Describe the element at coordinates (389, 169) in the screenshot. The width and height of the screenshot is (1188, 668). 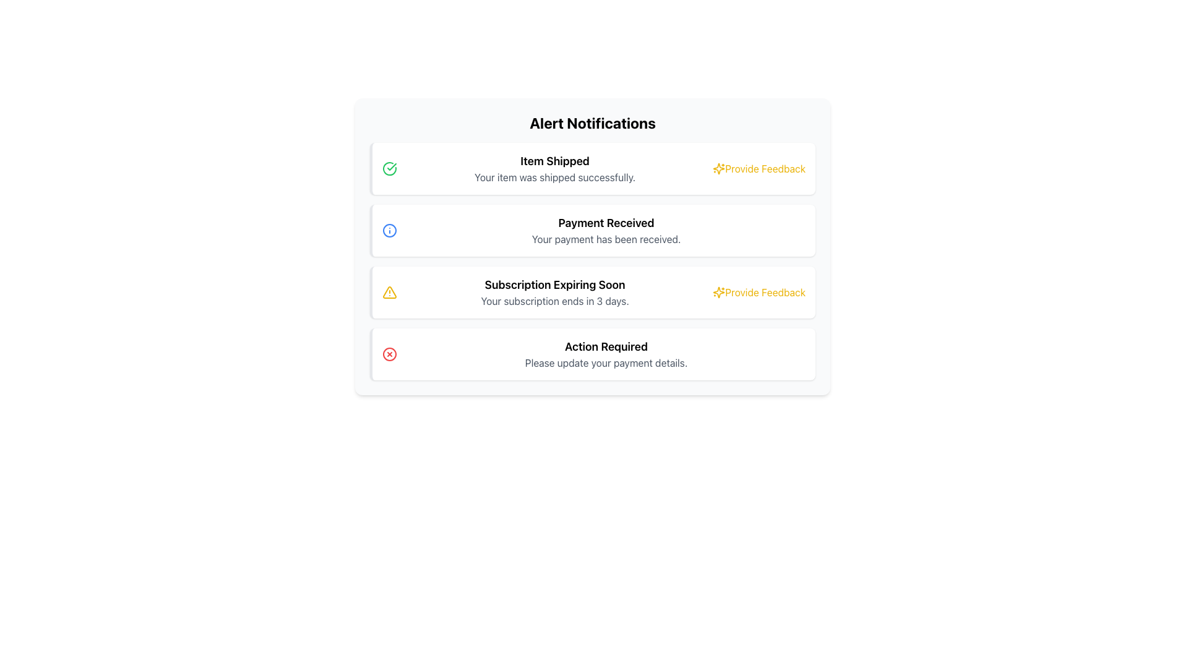
I see `the green checkmark icon within the circular outline located to the left of the 'Item Shipped' notification text` at that location.